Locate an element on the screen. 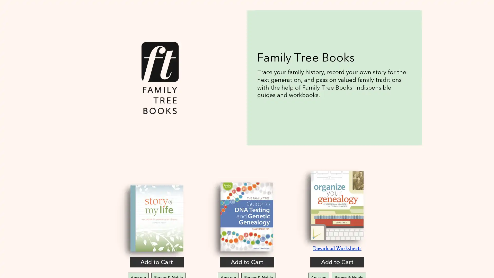 This screenshot has width=494, height=278. Add to Cart is located at coordinates (337, 262).